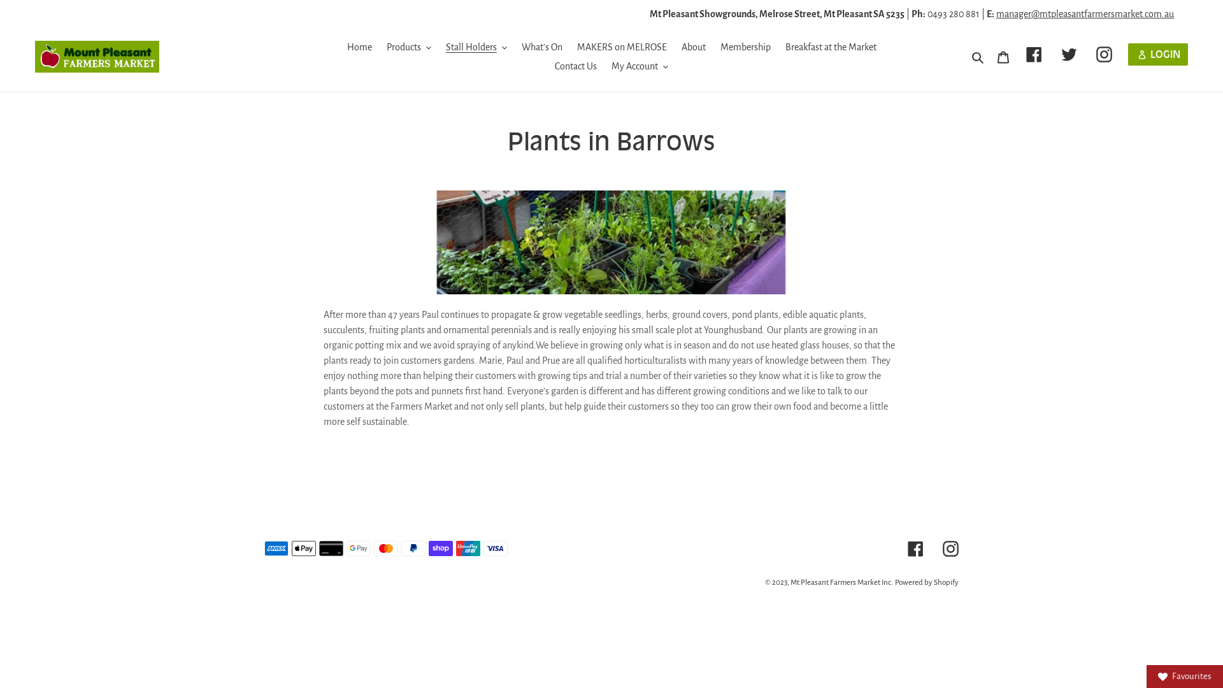  Describe the element at coordinates (950, 547) in the screenshot. I see `'Instagram'` at that location.